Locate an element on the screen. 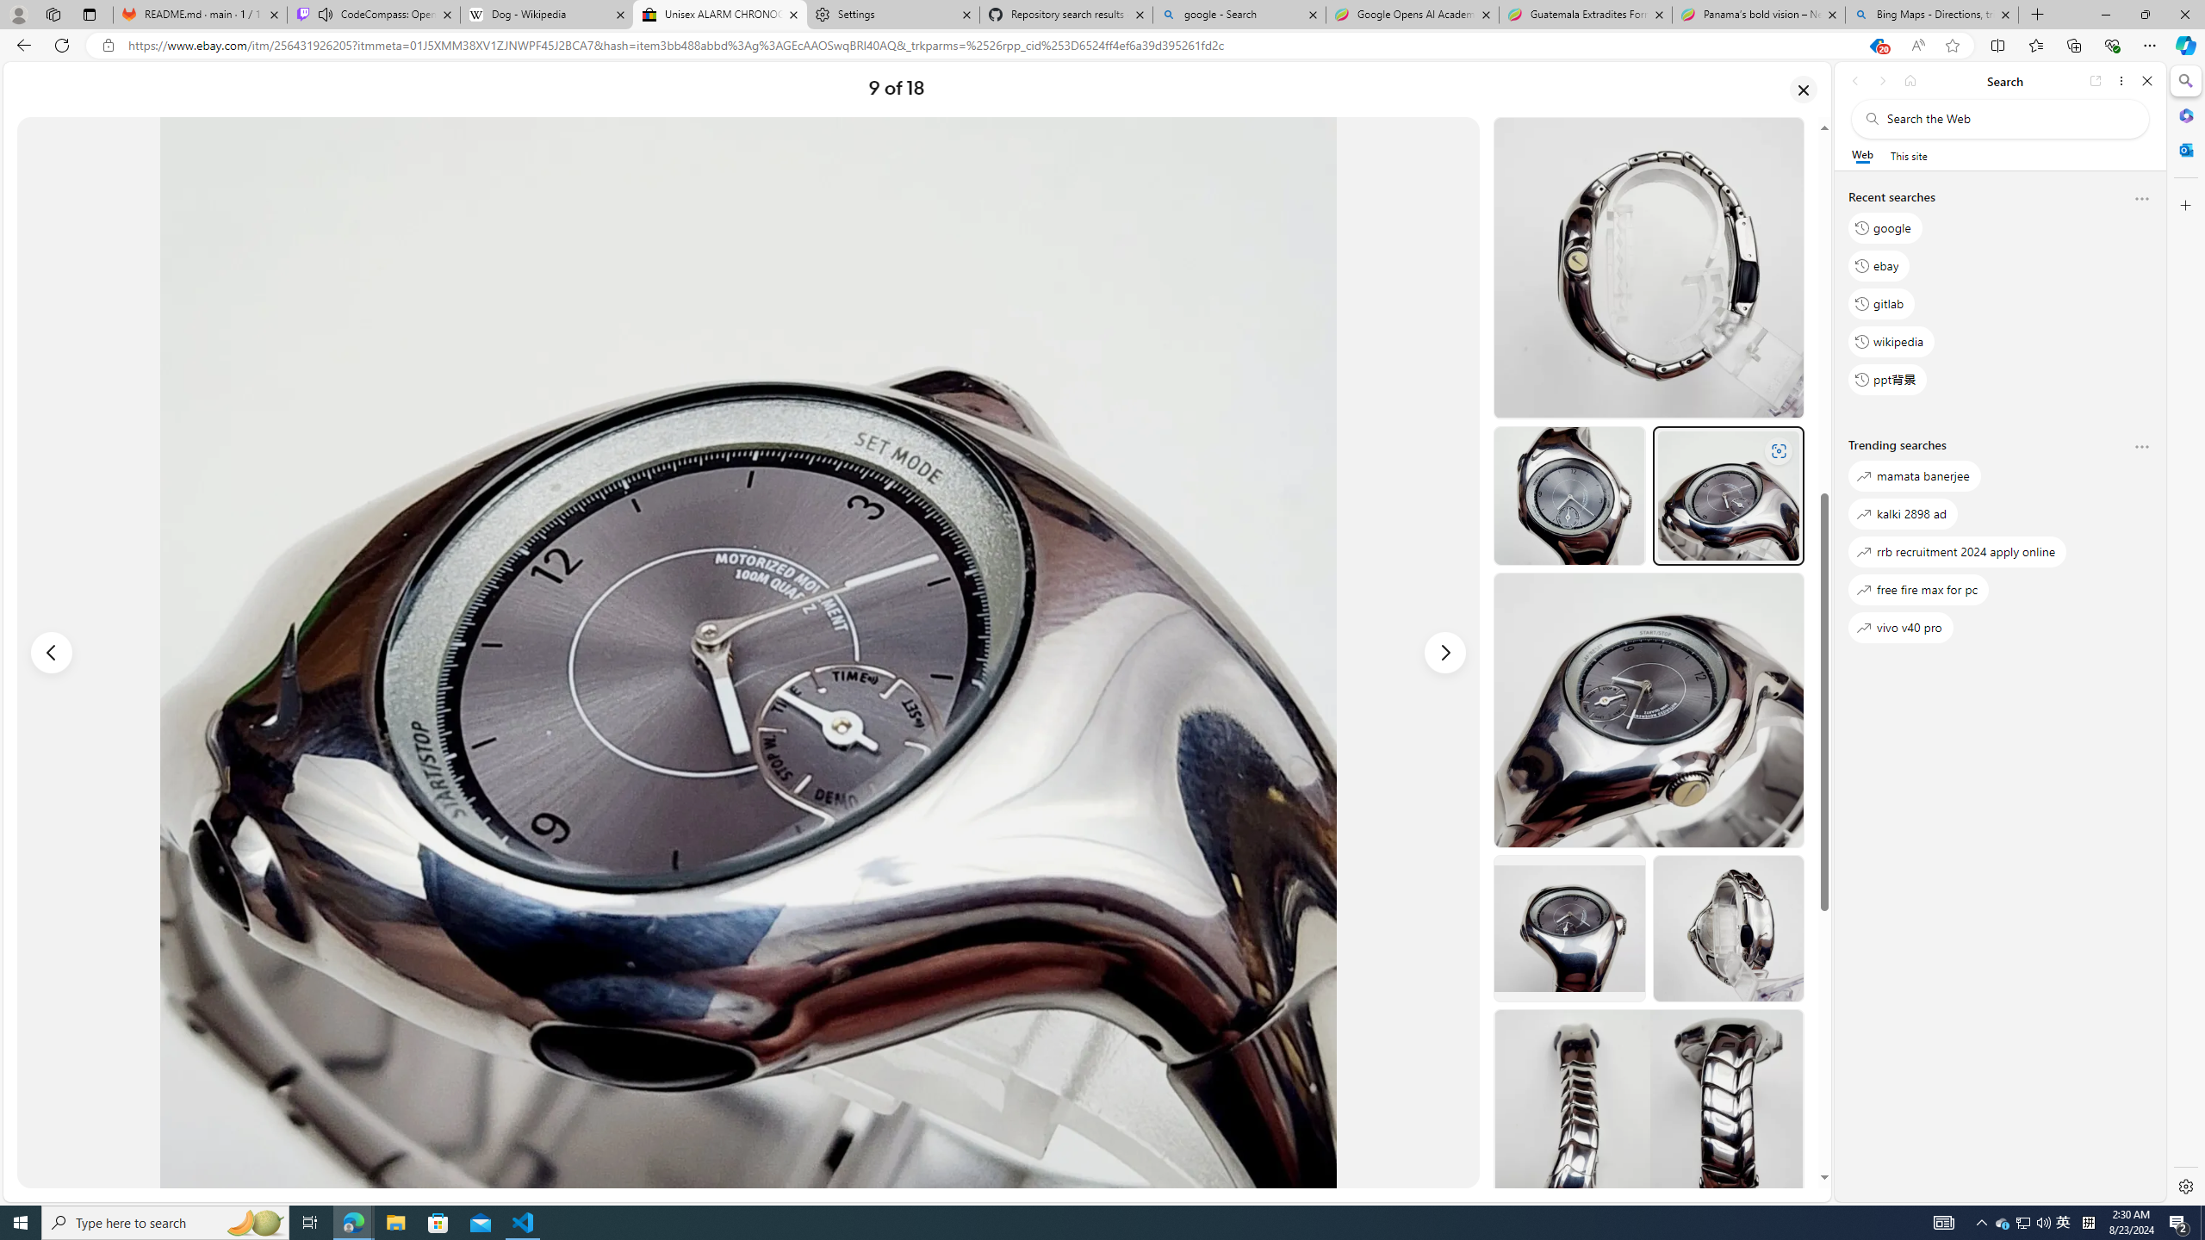 This screenshot has width=2205, height=1240. 'Close image gallery dialog' is located at coordinates (1804, 89).